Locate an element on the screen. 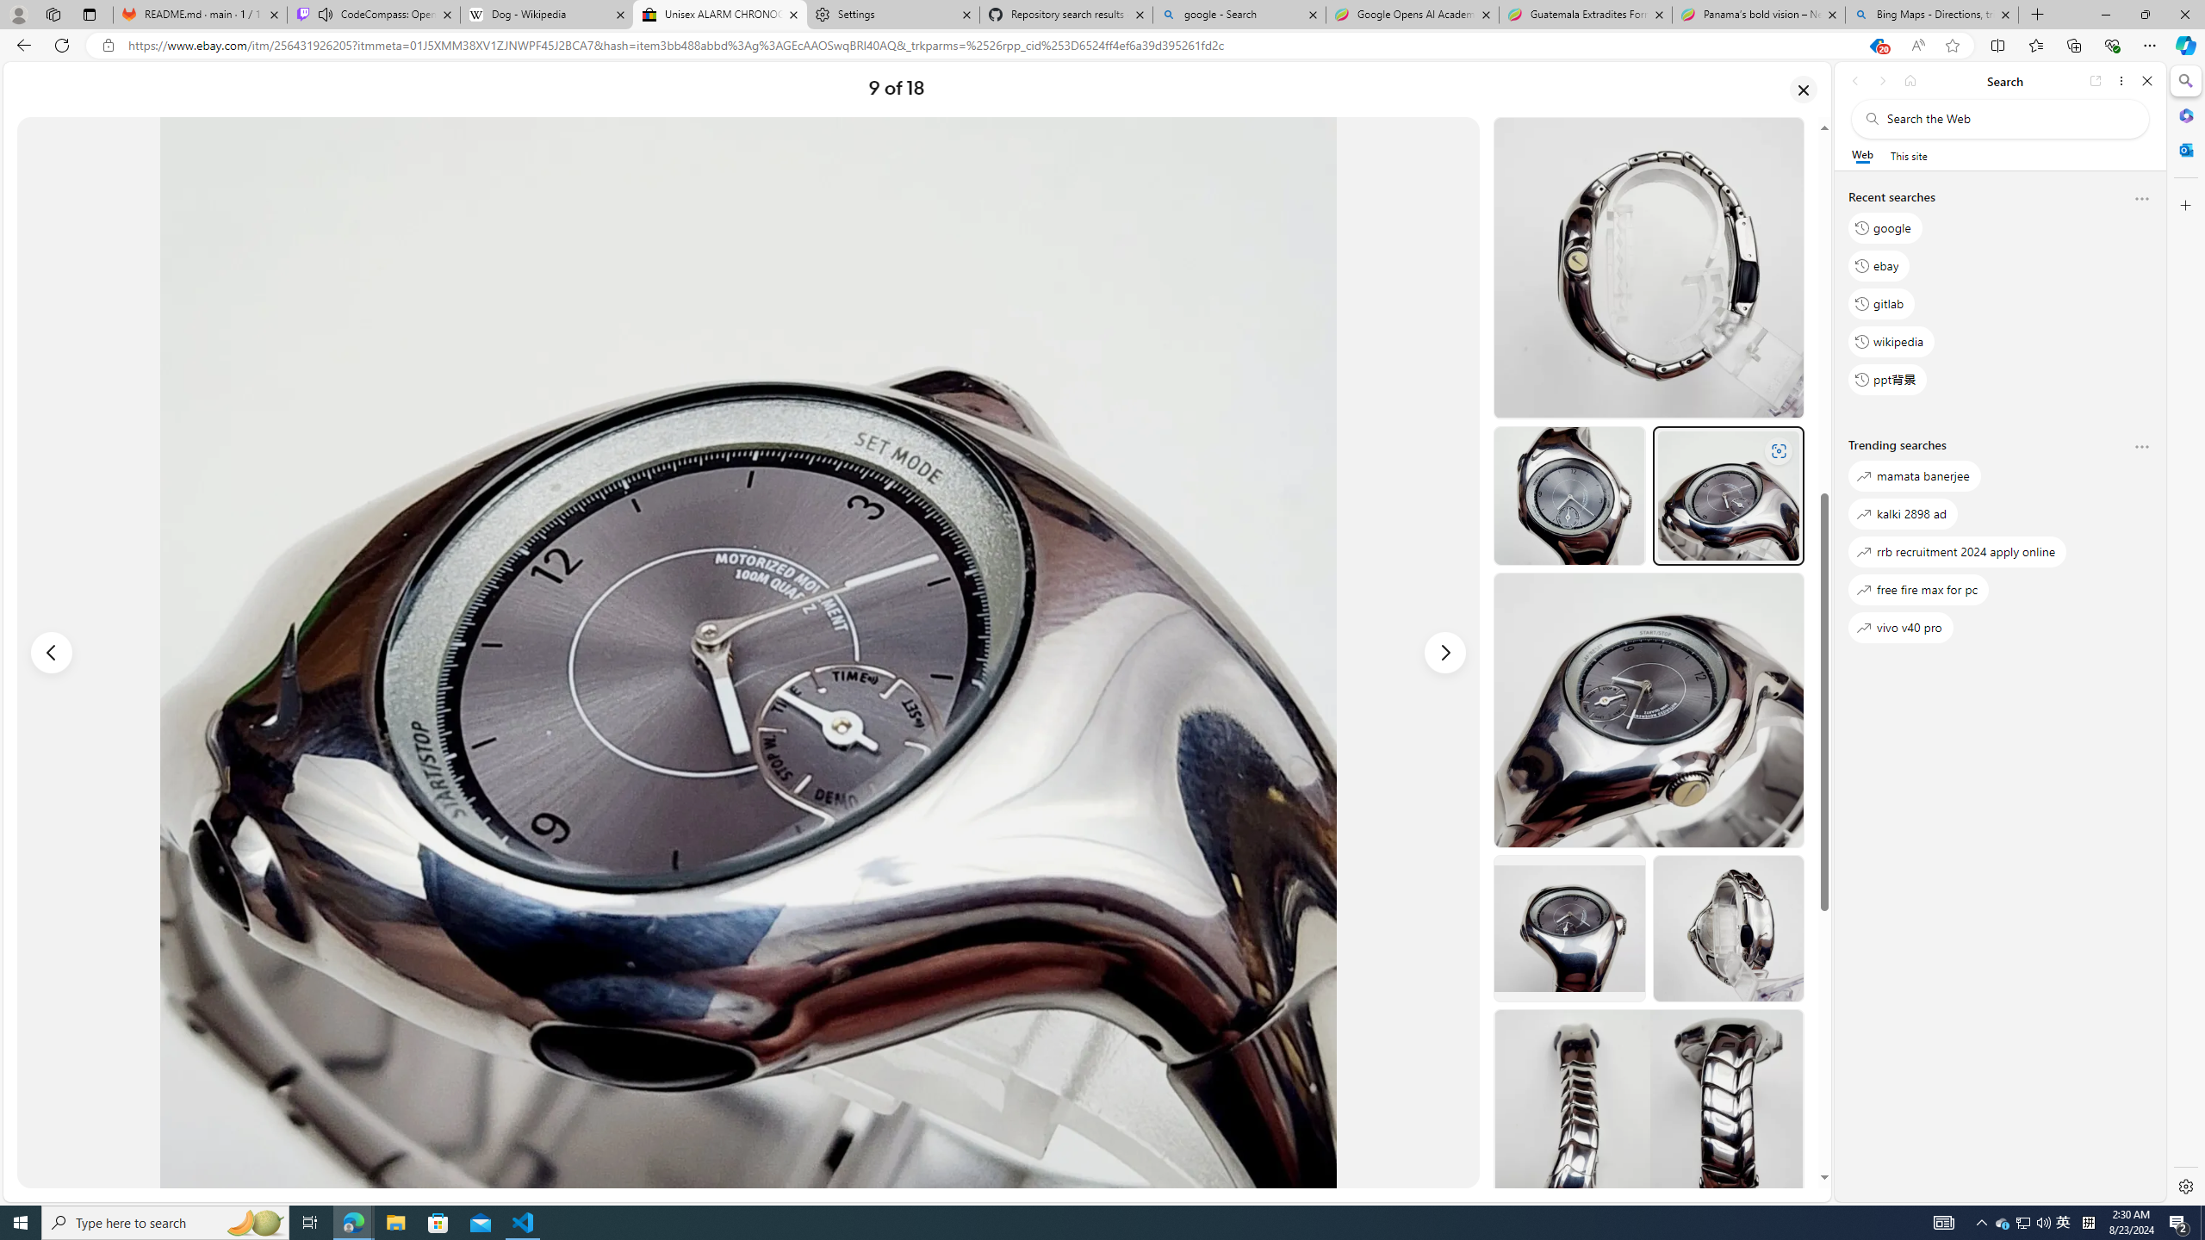 This screenshot has width=2205, height=1240. 'Close image gallery dialog' is located at coordinates (1804, 89).